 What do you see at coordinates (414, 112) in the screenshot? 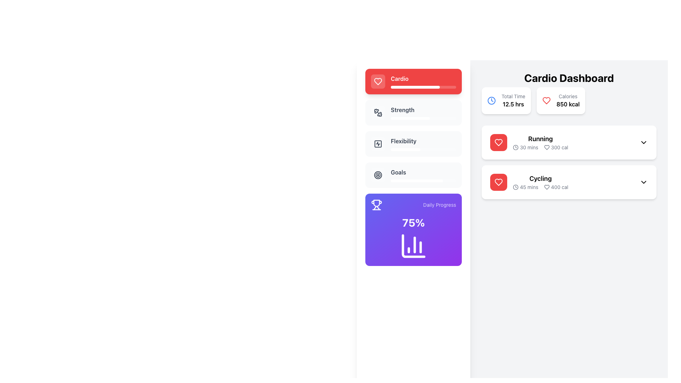
I see `the interactive button that navigates to the 'Strength' section, located between the 'Cardio' and 'Flexibility' buttons on the left-hand panel` at bounding box center [414, 112].